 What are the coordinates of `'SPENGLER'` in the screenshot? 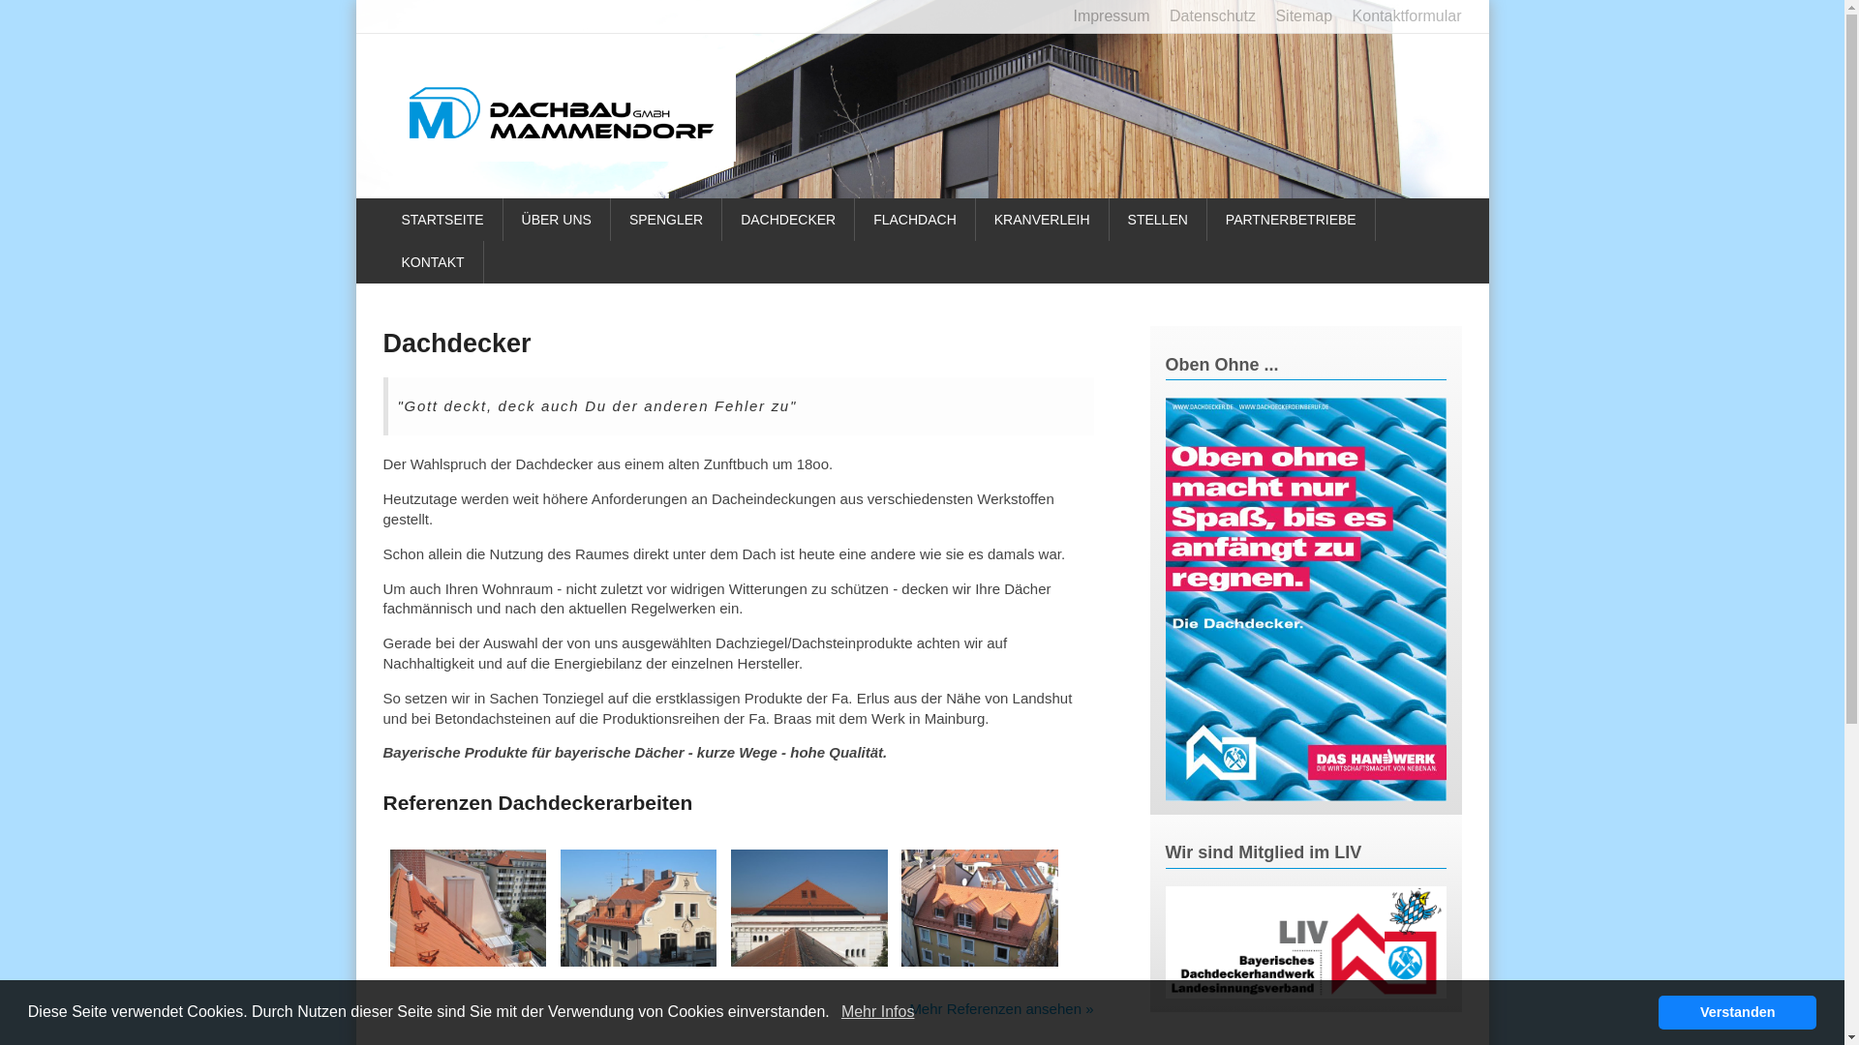 It's located at (666, 219).